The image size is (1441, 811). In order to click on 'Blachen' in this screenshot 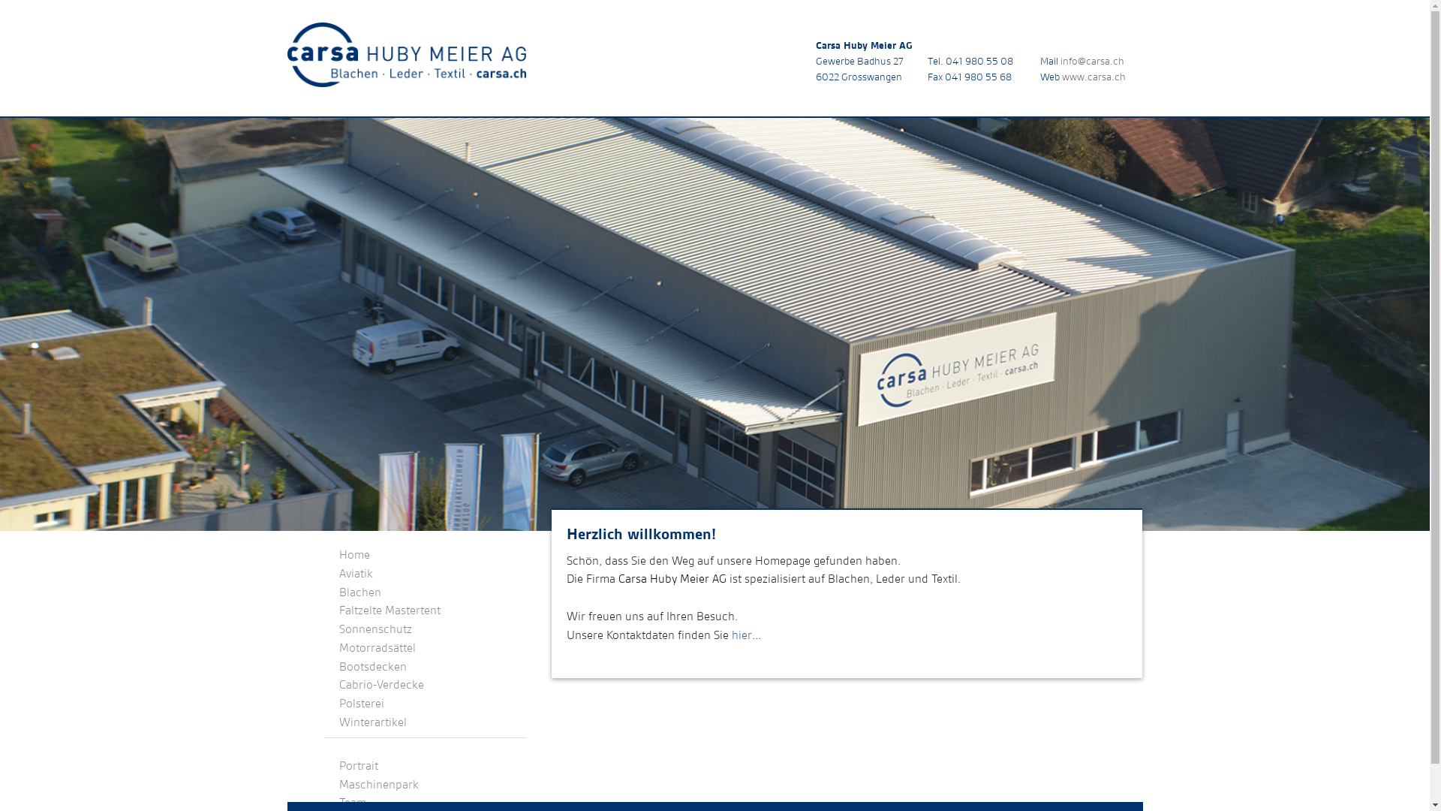, I will do `click(360, 591)`.